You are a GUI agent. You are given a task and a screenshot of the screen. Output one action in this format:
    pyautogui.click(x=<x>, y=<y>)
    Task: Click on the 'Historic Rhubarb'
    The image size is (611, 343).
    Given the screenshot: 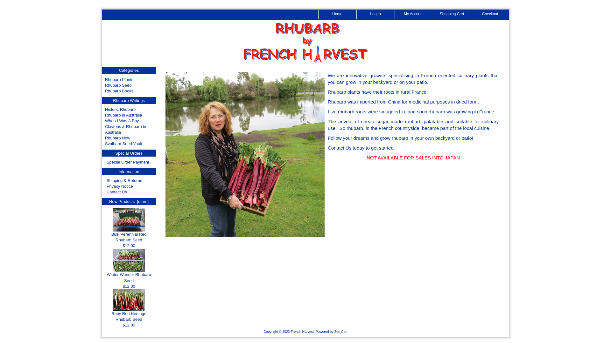 What is the action you would take?
    pyautogui.click(x=120, y=109)
    